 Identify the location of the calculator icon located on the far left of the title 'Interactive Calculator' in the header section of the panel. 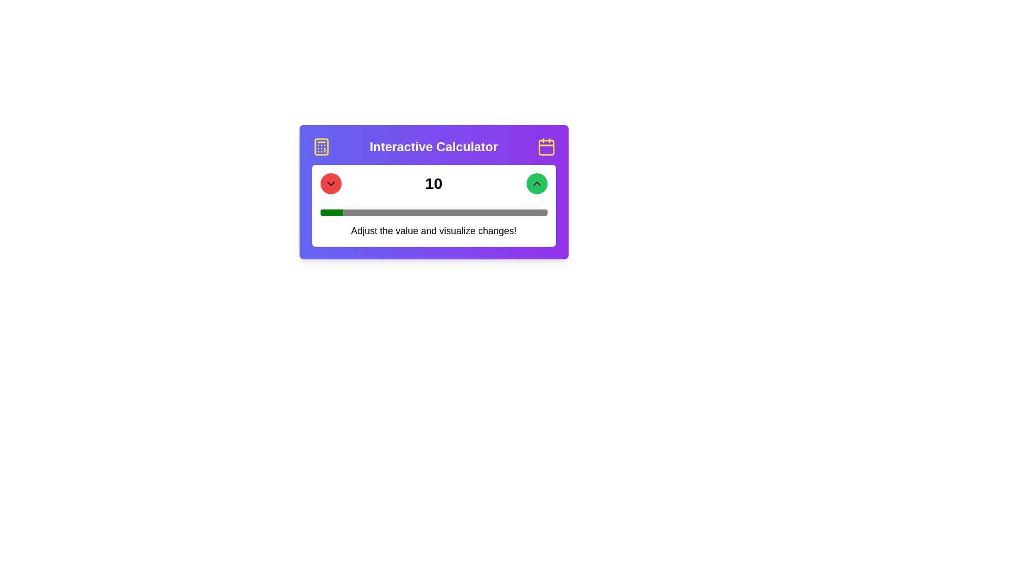
(321, 147).